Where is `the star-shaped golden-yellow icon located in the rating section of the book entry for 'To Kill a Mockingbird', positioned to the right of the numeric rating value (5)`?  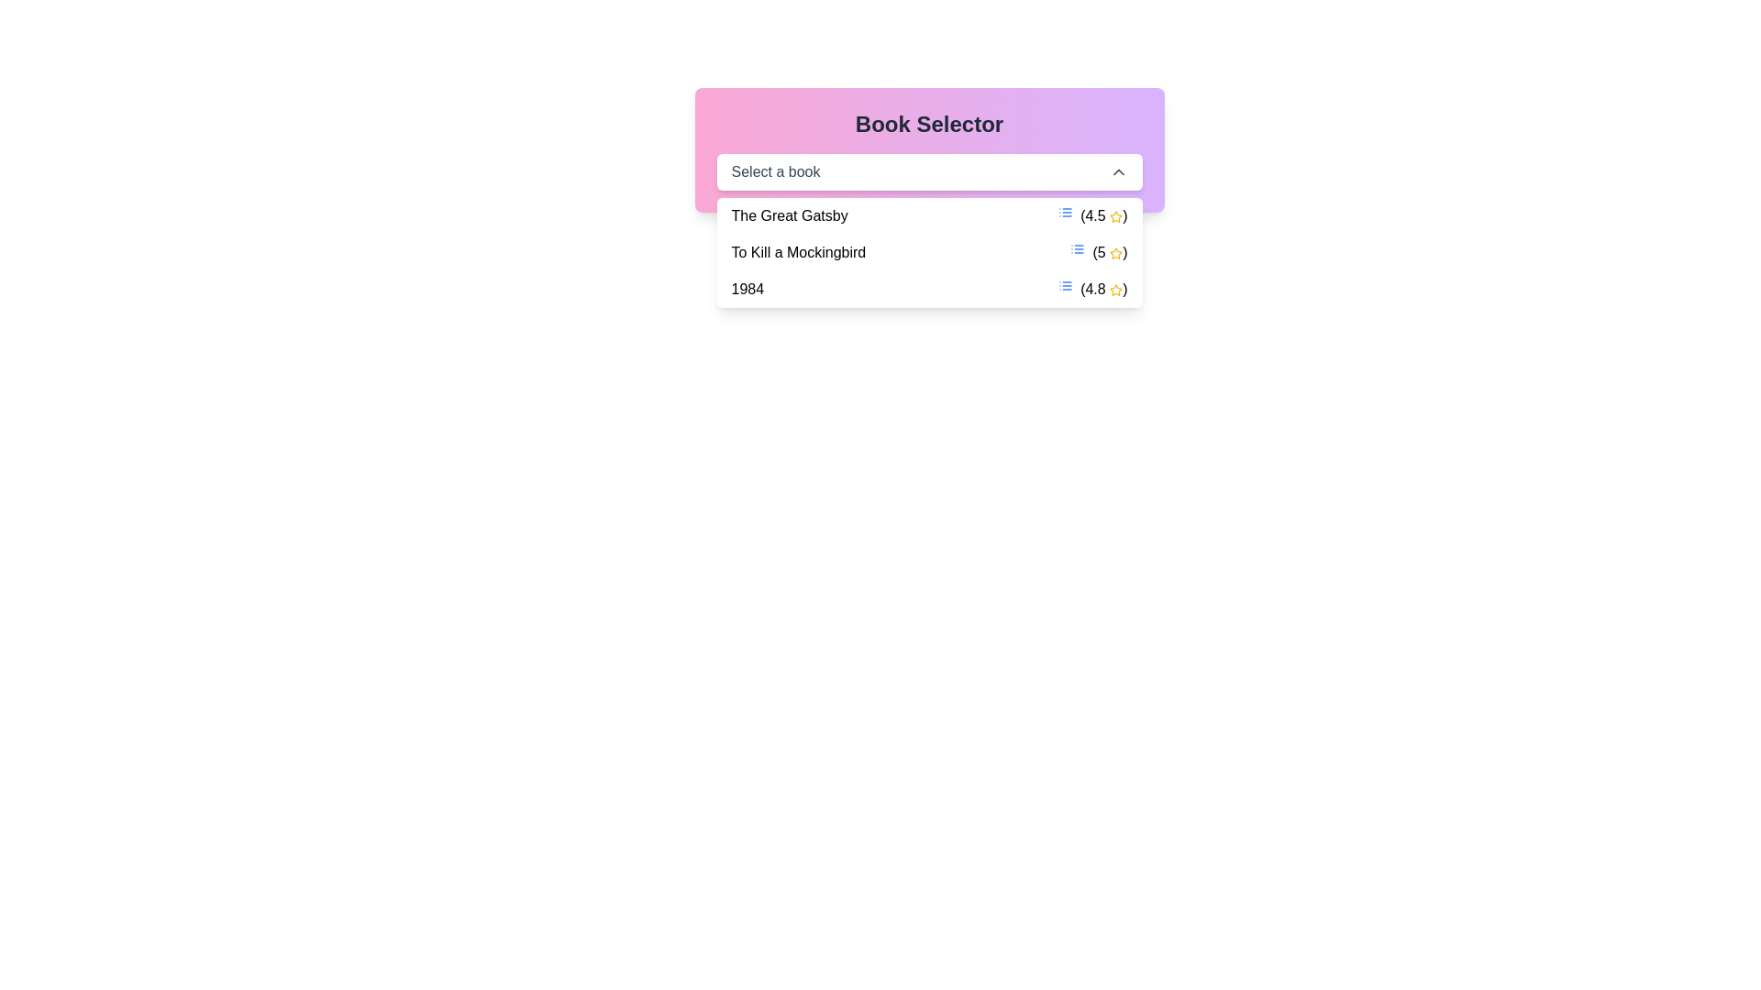 the star-shaped golden-yellow icon located in the rating section of the book entry for 'To Kill a Mockingbird', positioned to the right of the numeric rating value (5) is located at coordinates (1115, 253).